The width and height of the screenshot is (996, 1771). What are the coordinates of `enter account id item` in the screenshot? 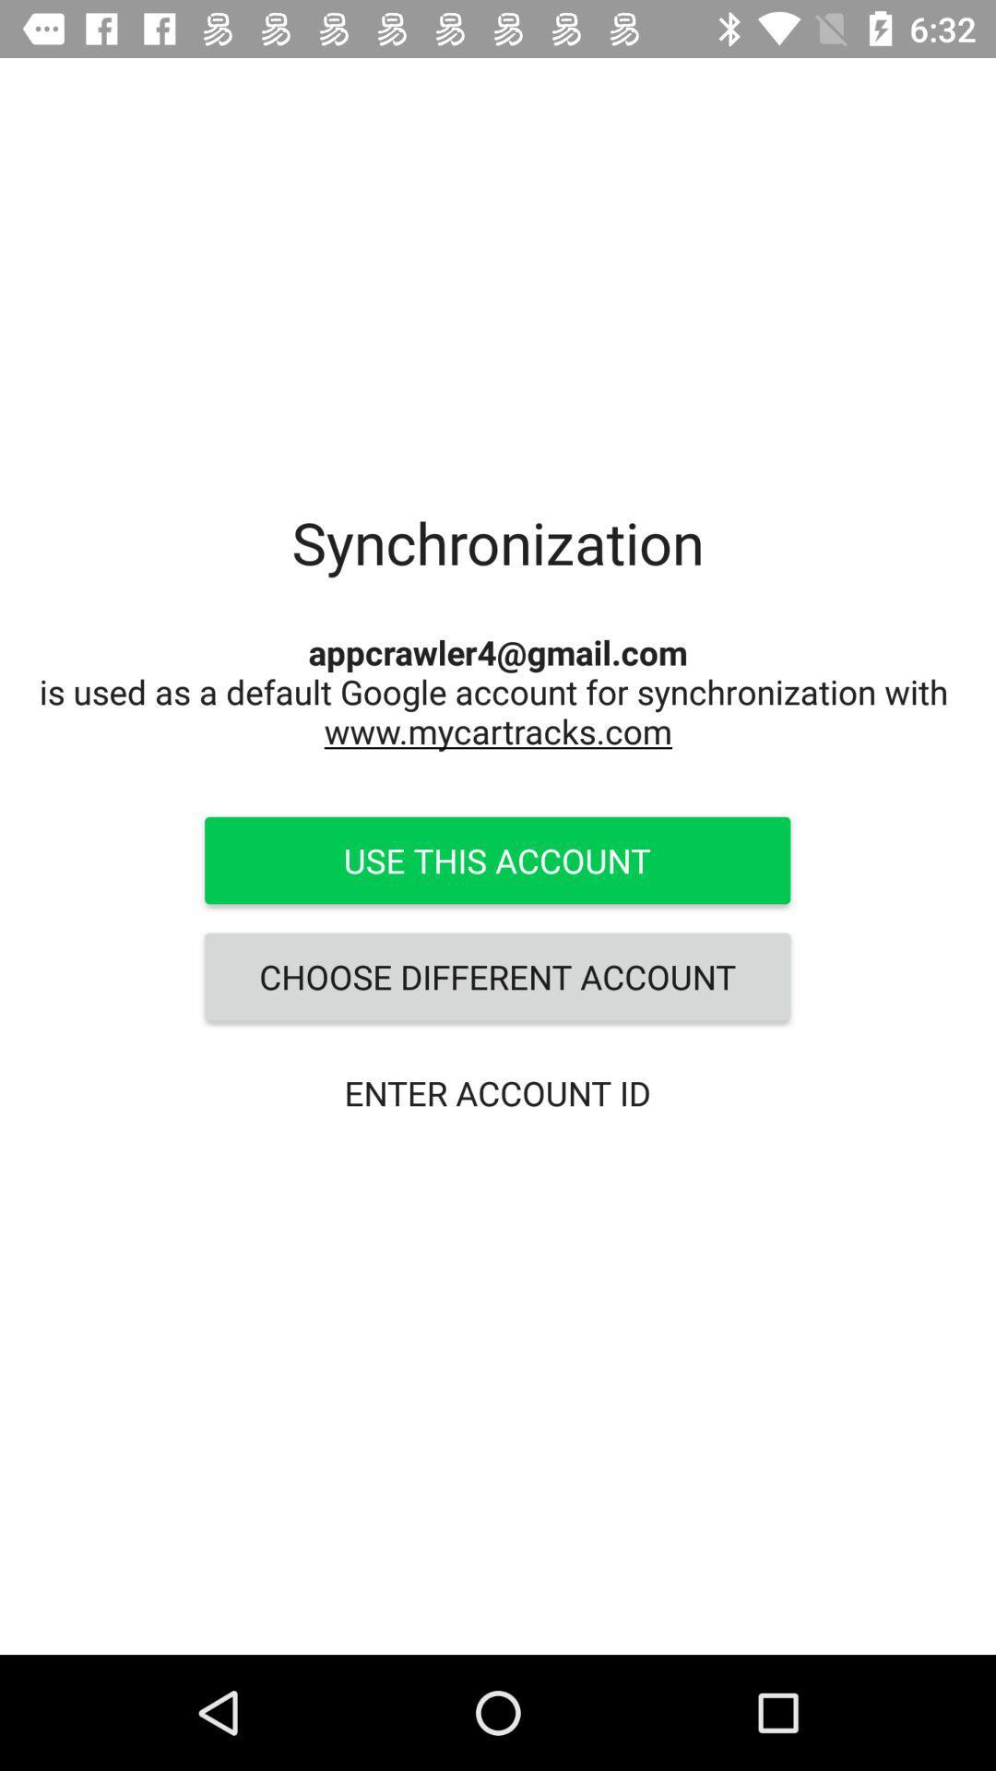 It's located at (496, 1093).